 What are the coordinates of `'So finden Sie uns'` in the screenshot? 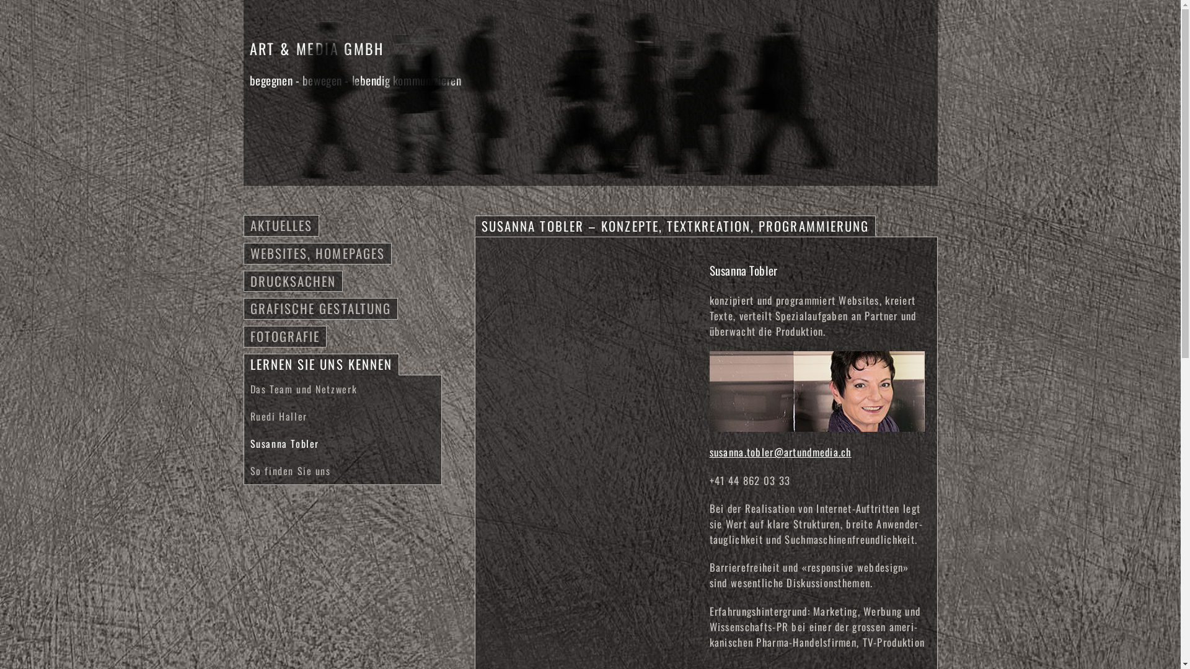 It's located at (290, 470).